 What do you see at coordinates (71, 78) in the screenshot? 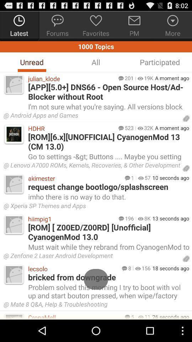
I see `julian_klode icon` at bounding box center [71, 78].